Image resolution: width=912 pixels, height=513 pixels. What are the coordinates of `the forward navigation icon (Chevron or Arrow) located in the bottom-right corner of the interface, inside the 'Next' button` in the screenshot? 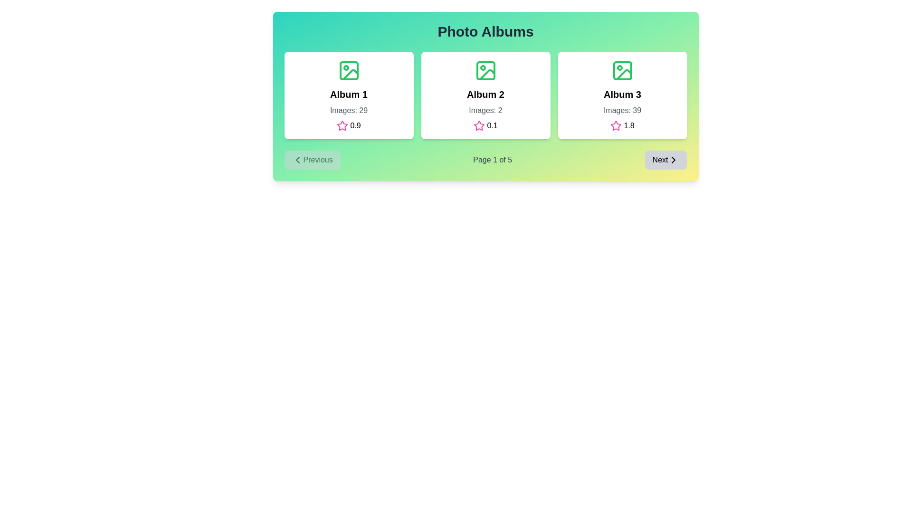 It's located at (673, 159).